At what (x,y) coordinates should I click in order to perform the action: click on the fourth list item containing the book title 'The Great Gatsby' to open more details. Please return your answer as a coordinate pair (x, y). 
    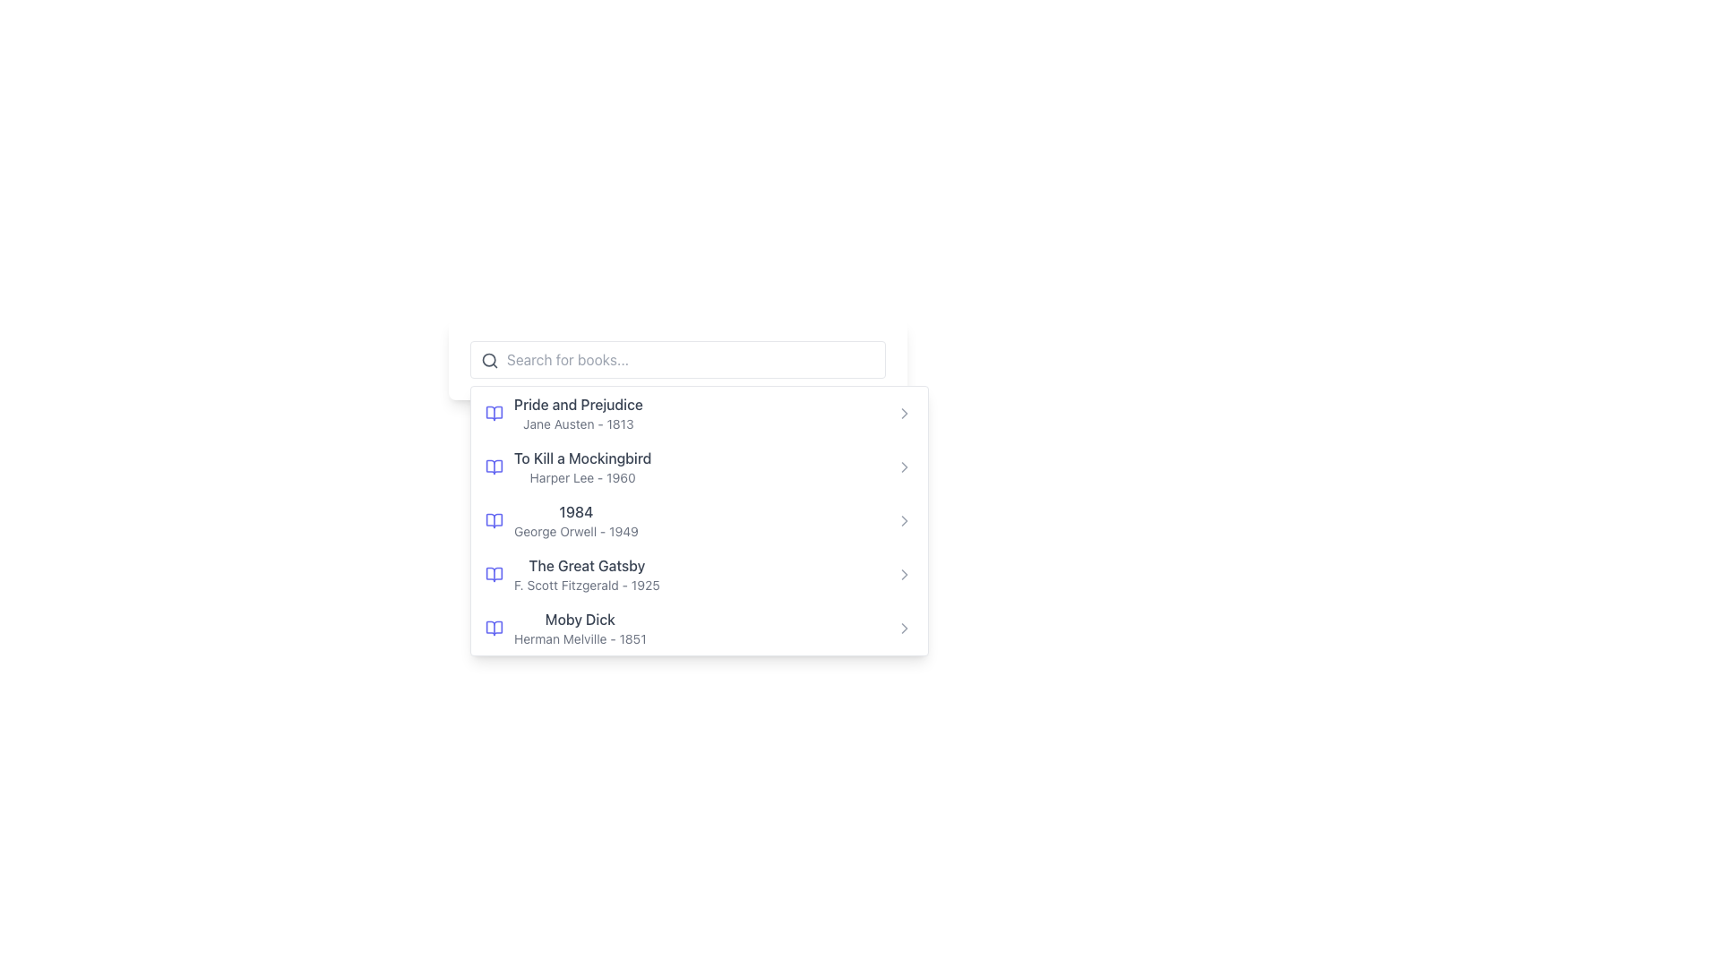
    Looking at the image, I should click on (572, 574).